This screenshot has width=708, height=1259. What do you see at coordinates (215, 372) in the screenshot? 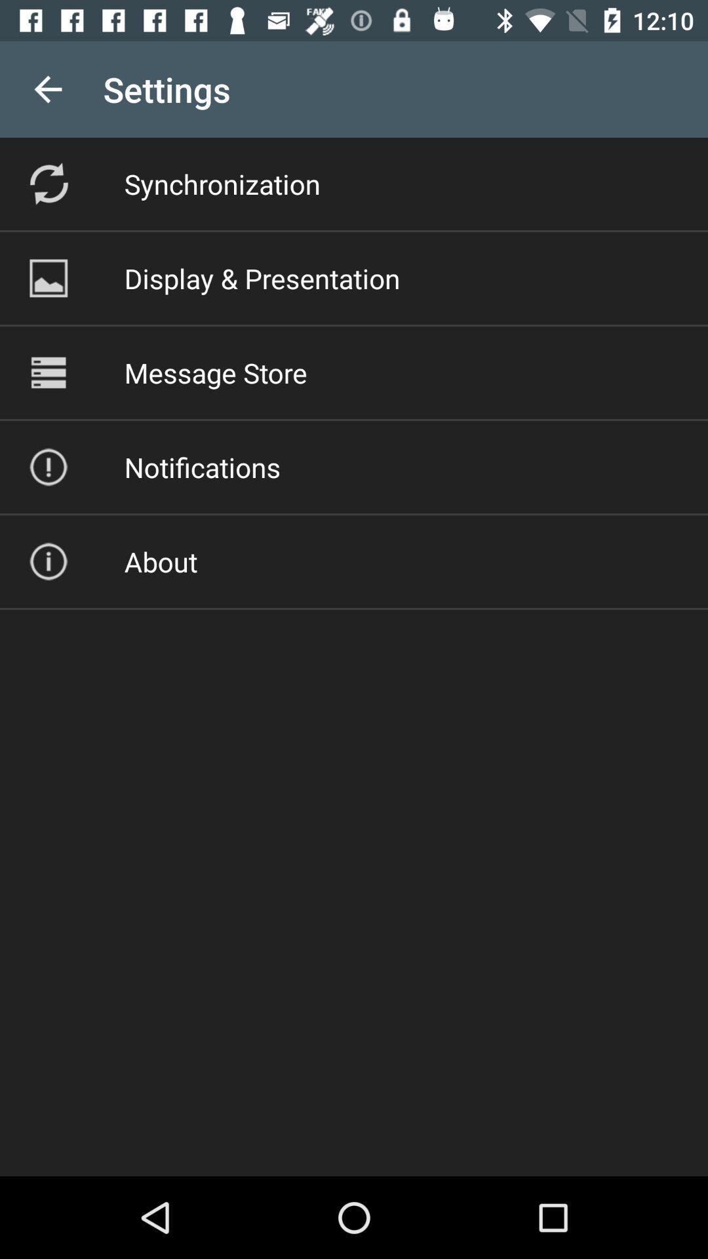
I see `the item above the notifications` at bounding box center [215, 372].